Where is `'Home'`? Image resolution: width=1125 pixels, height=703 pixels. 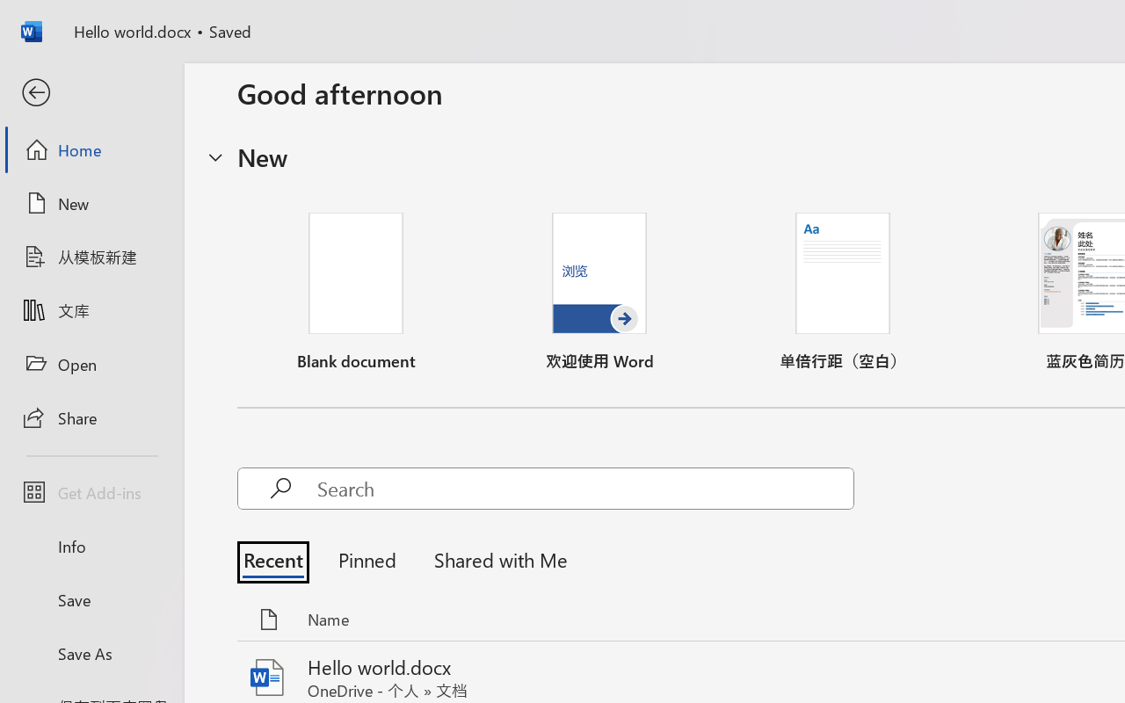
'Home' is located at coordinates (91, 149).